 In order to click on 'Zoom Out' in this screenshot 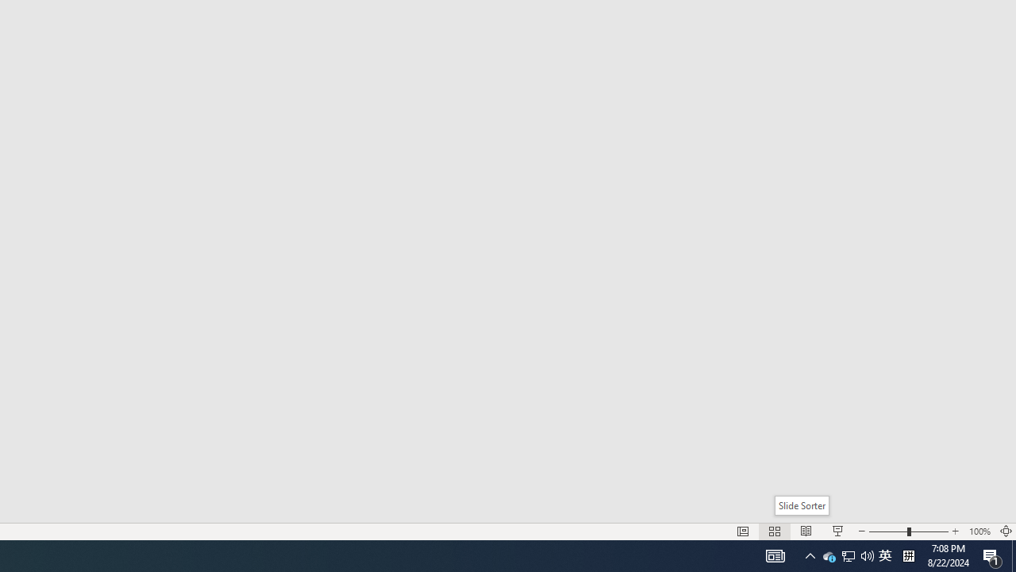, I will do `click(887, 531)`.